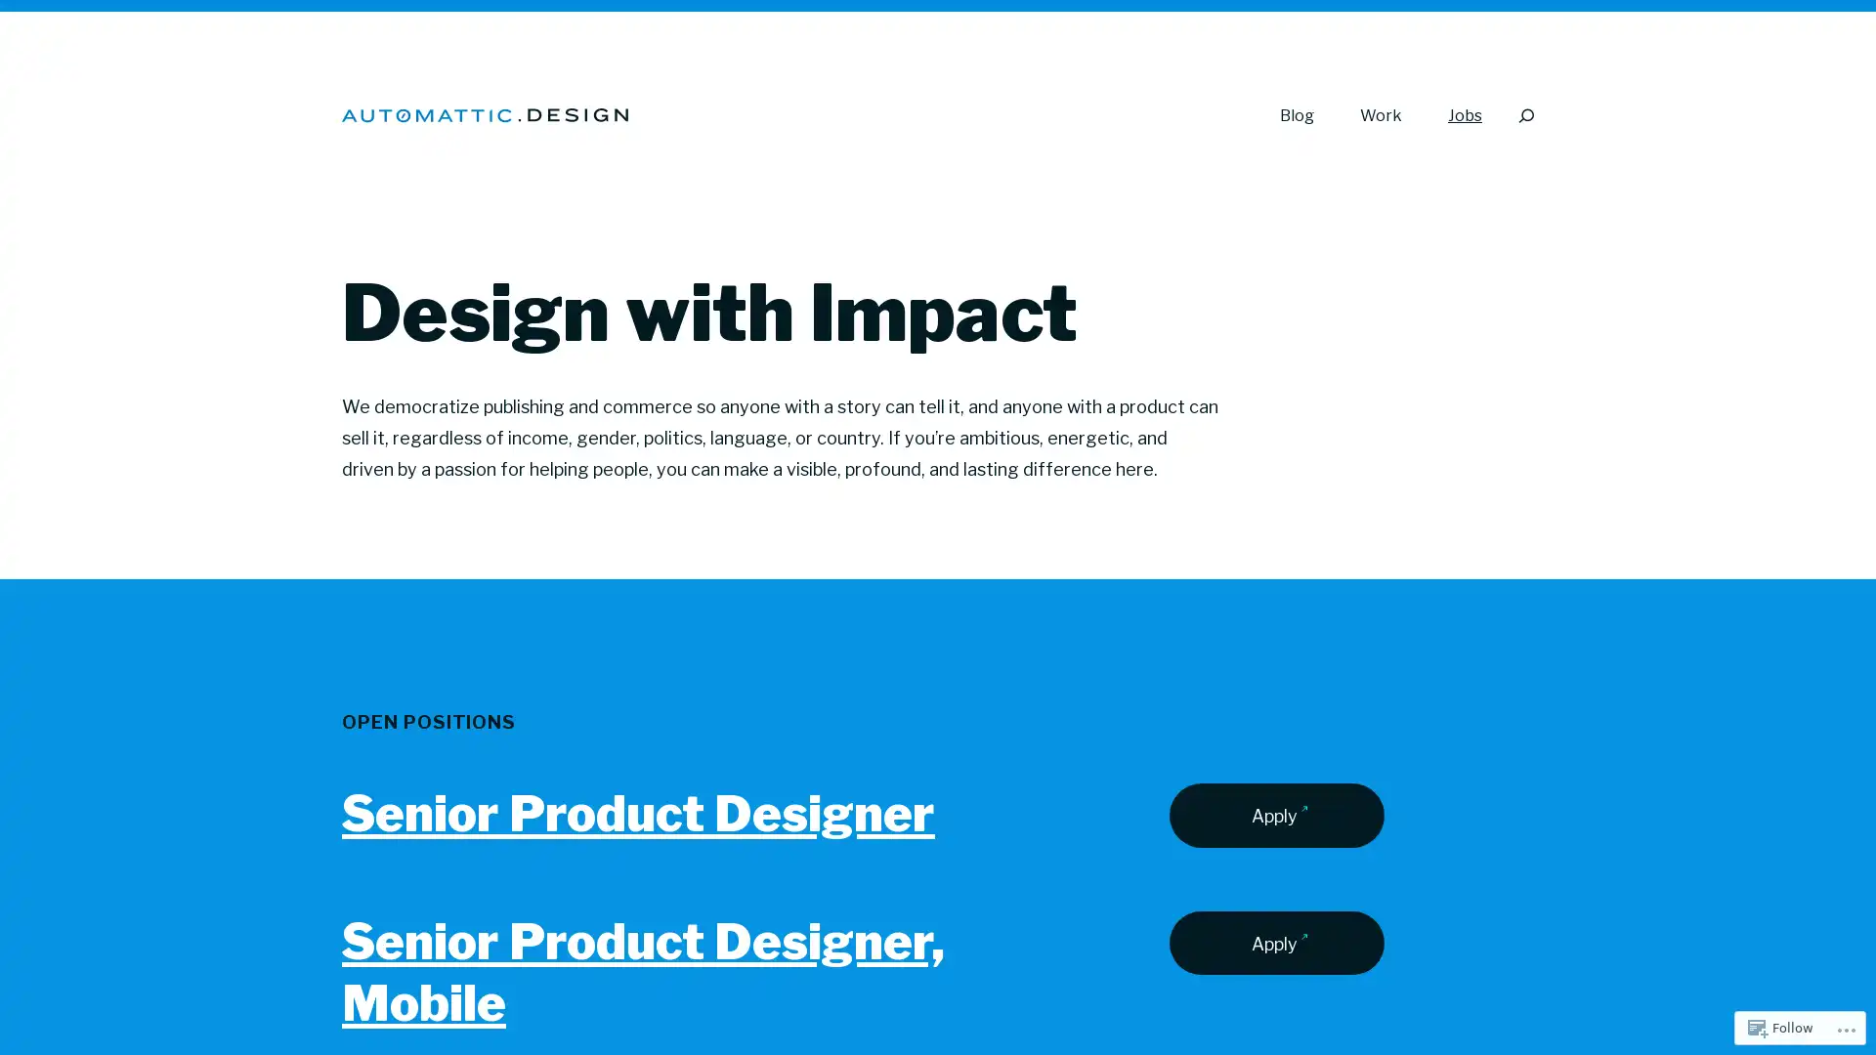 The image size is (1876, 1055). What do you see at coordinates (1524, 115) in the screenshot?
I see `Search` at bounding box center [1524, 115].